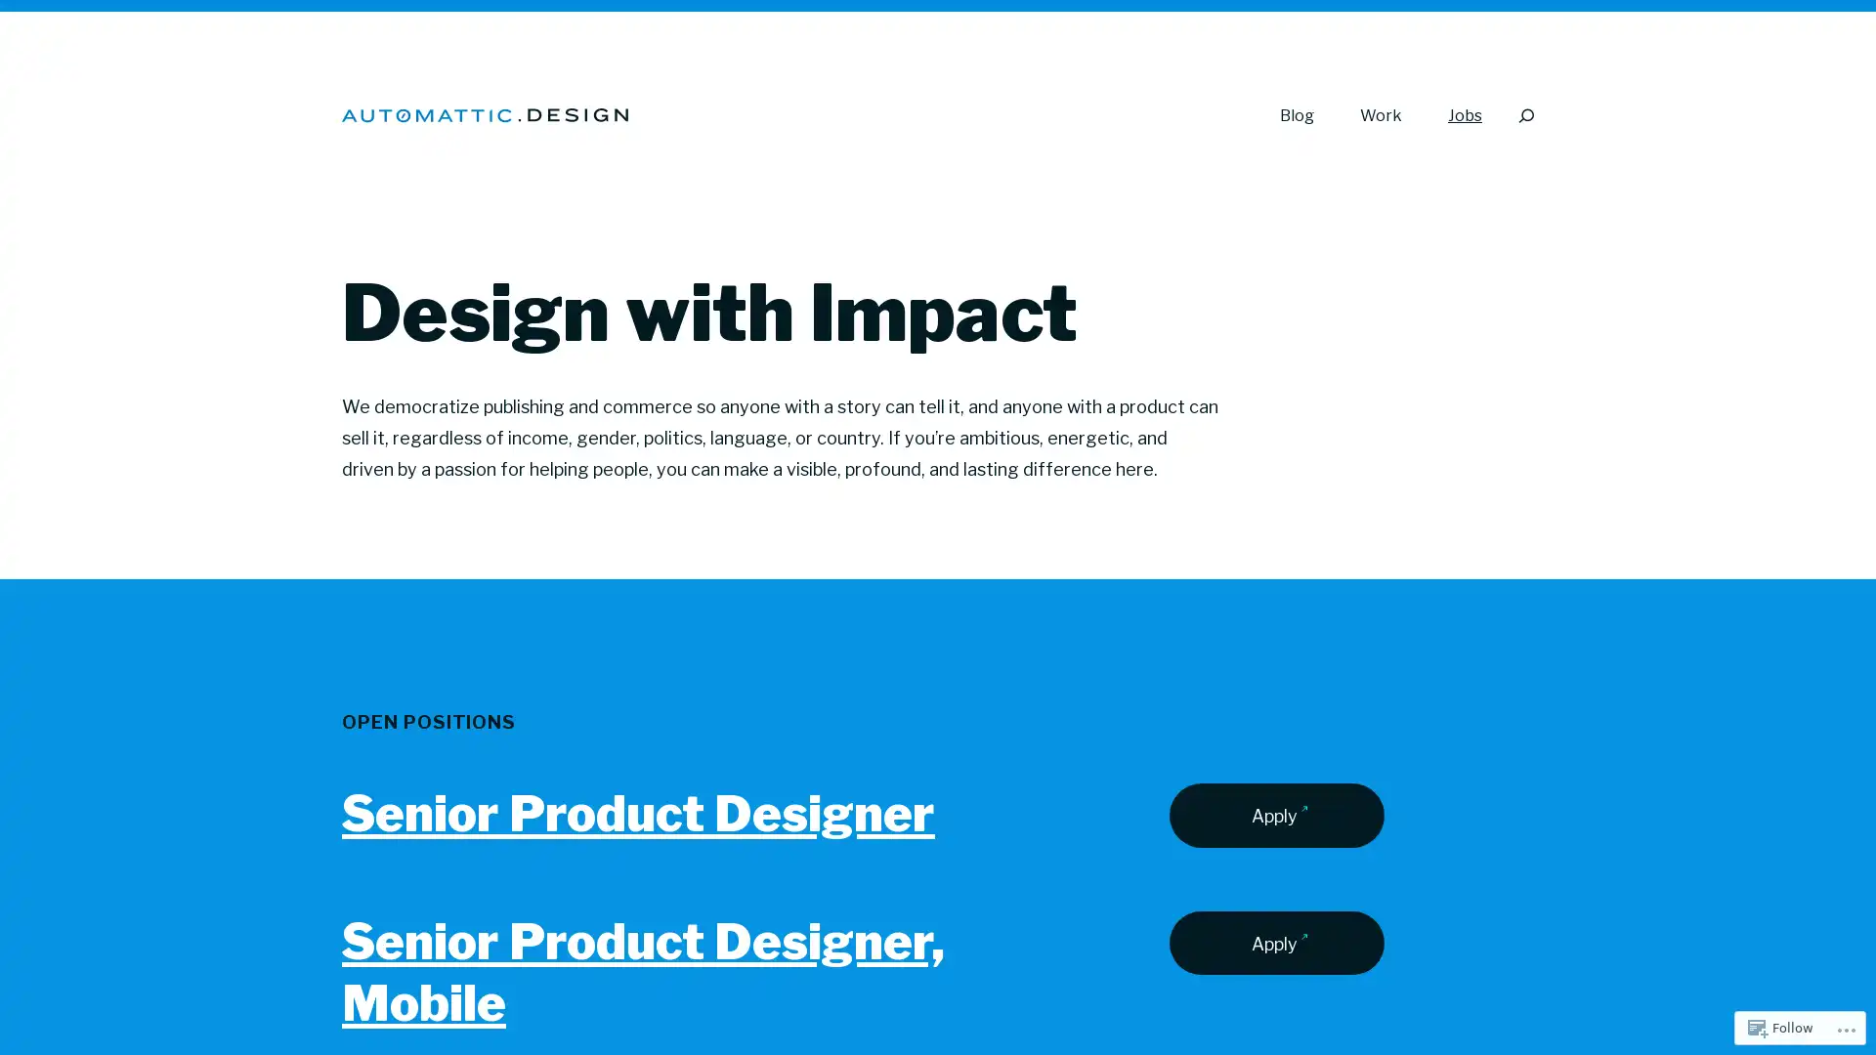 The image size is (1876, 1055). What do you see at coordinates (1524, 115) in the screenshot?
I see `Search` at bounding box center [1524, 115].